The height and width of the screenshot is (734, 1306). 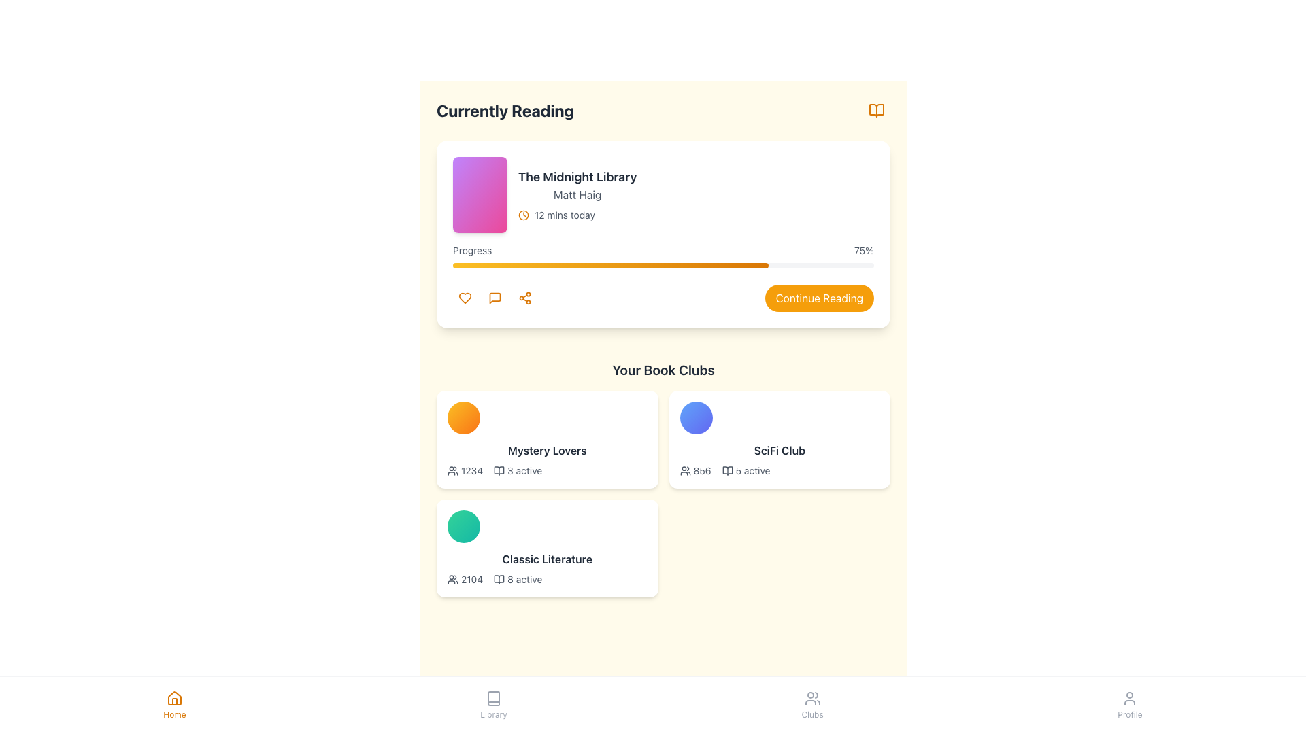 What do you see at coordinates (492, 704) in the screenshot?
I see `the Navigation button labeled 'Library', which is styled with a book icon and located in the bottom navigation bar between 'Home' and 'Clubs'` at bounding box center [492, 704].